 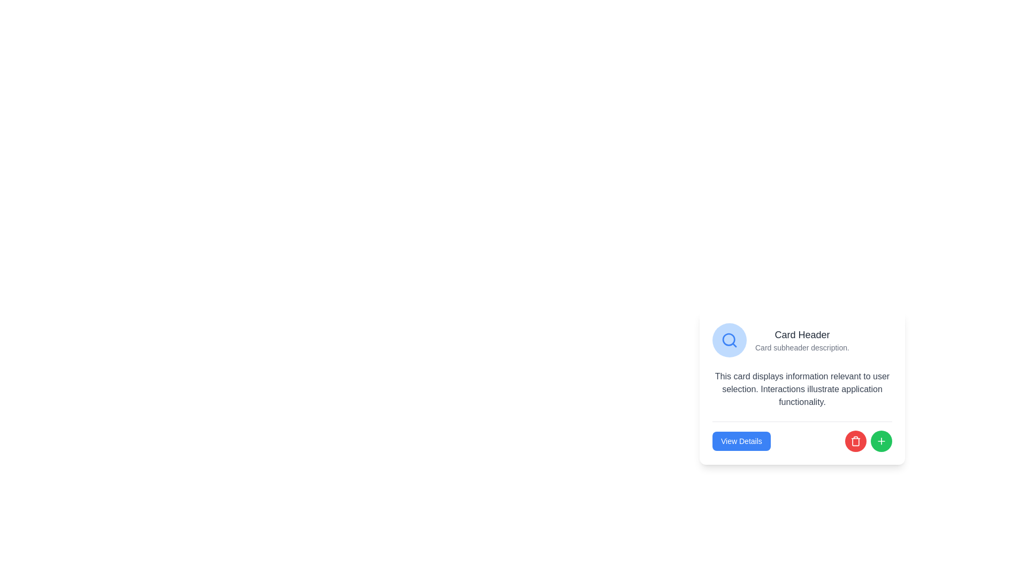 What do you see at coordinates (868, 441) in the screenshot?
I see `the red circular button containing the trash can icon located in the bottom-right section of the card layout to initiate a delete action` at bounding box center [868, 441].